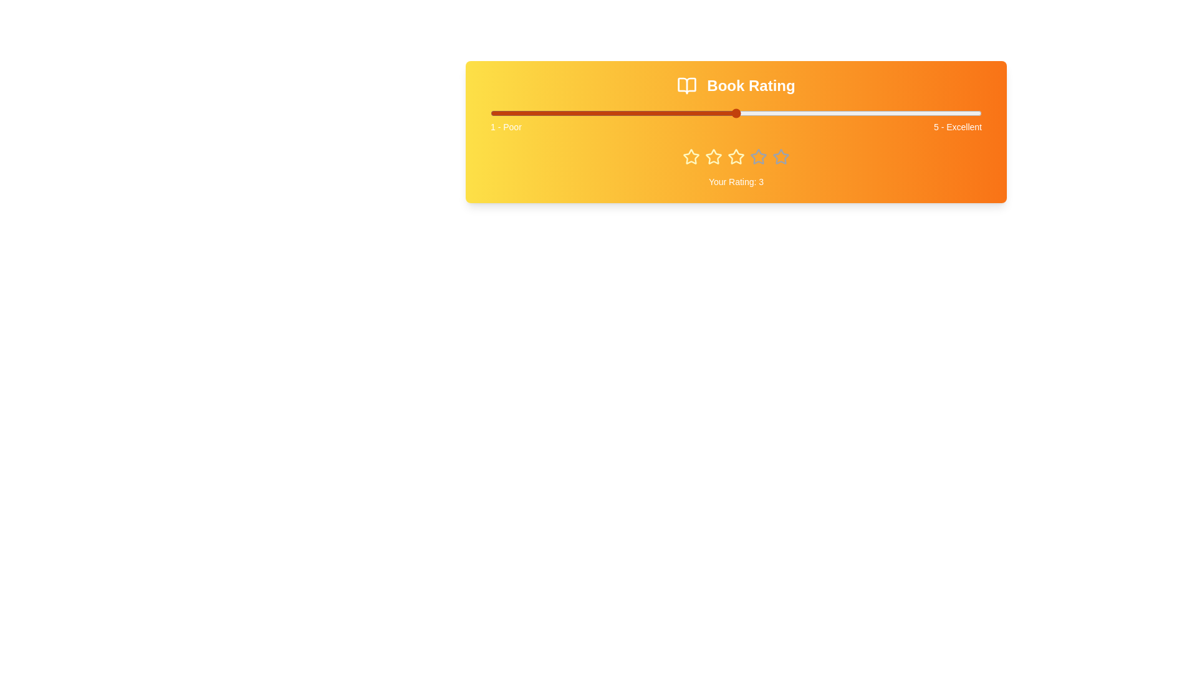 This screenshot has width=1197, height=673. What do you see at coordinates (736, 113) in the screenshot?
I see `the slider handle` at bounding box center [736, 113].